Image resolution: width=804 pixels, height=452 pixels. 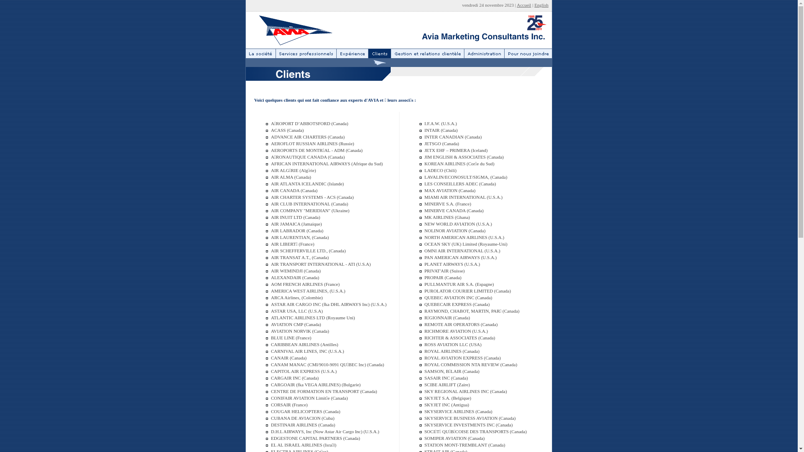 I want to click on 'English', so click(x=541, y=5).